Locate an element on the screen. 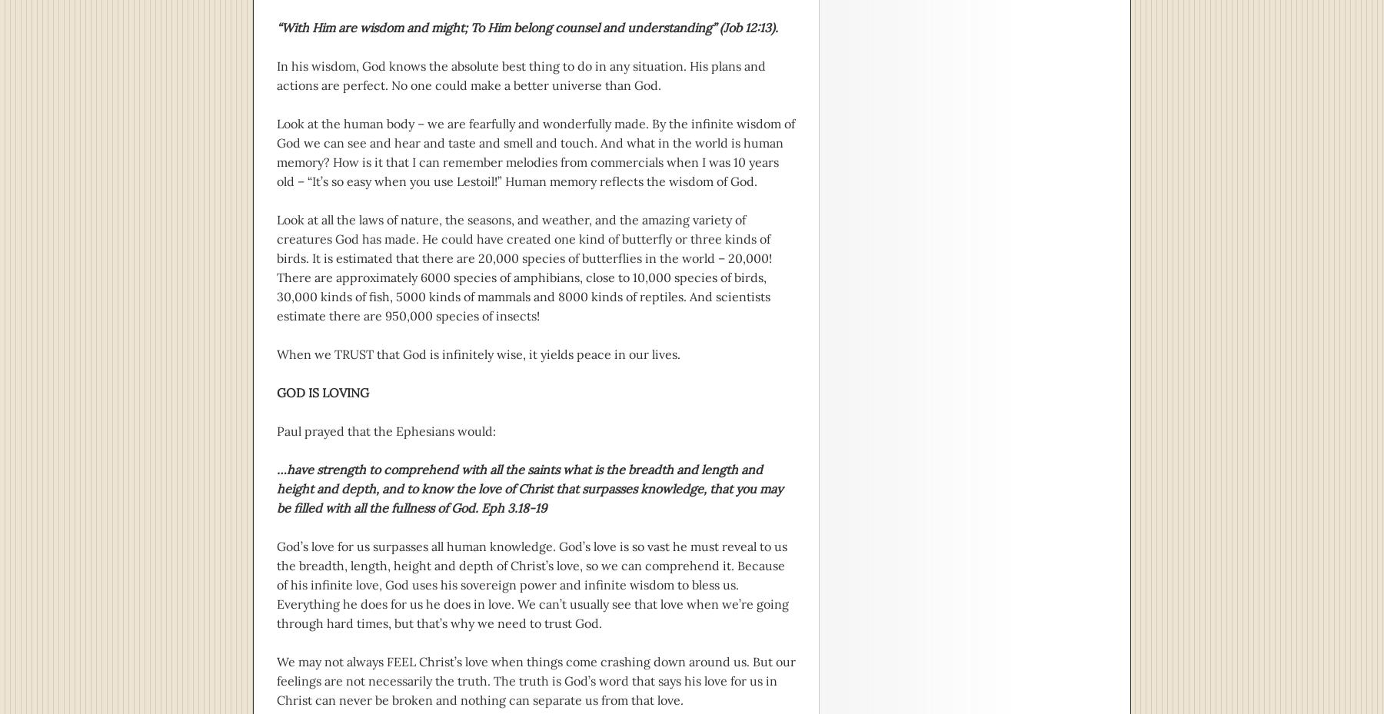  '…have strength to comprehend with all the saints what is the breadth and length and height and depth,' is located at coordinates (519, 478).